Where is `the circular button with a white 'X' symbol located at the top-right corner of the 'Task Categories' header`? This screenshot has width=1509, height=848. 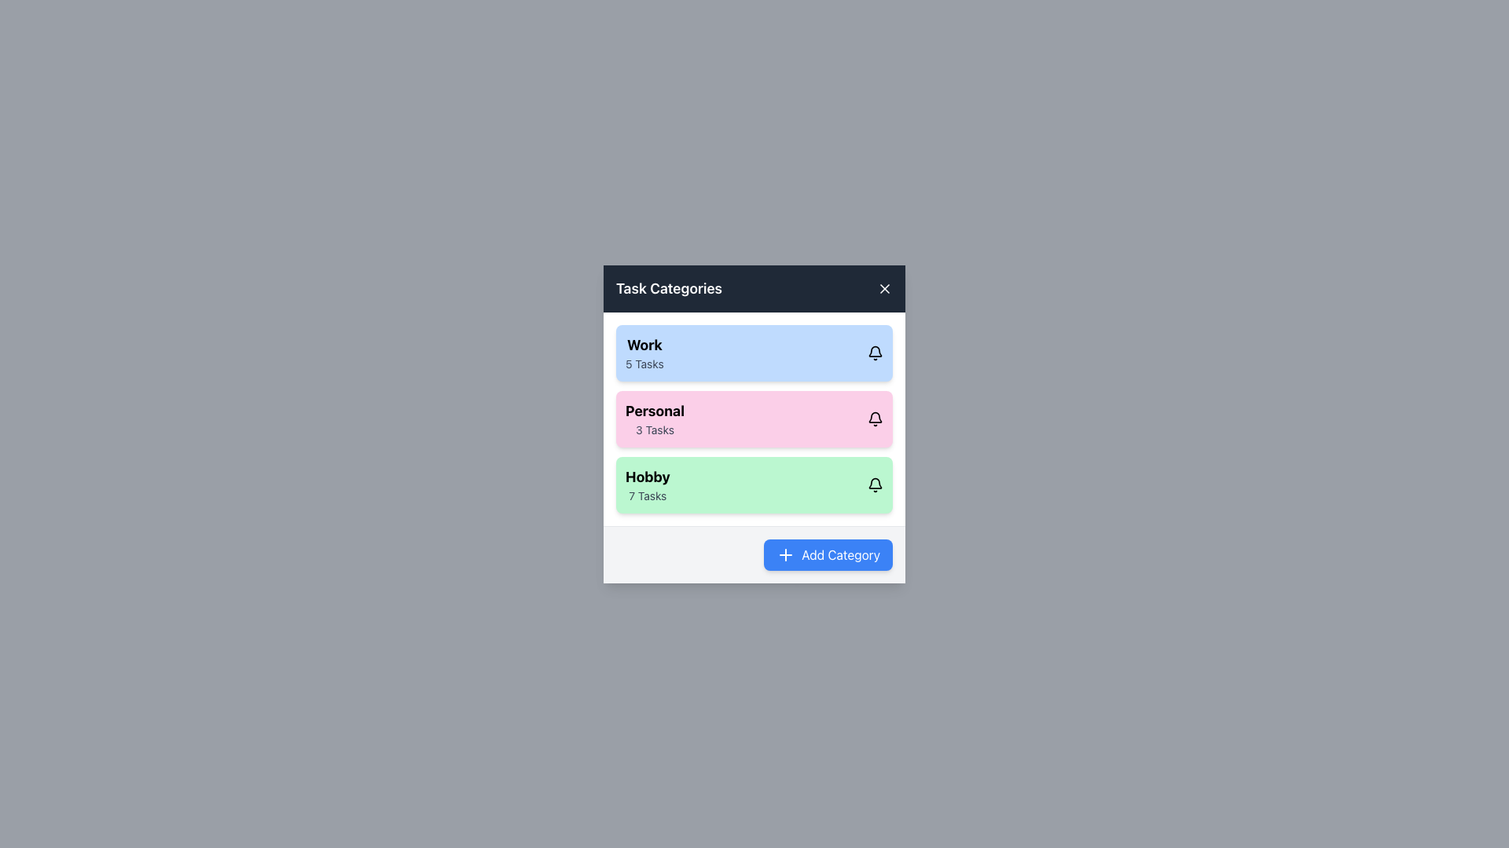
the circular button with a white 'X' symbol located at the top-right corner of the 'Task Categories' header is located at coordinates (885, 287).